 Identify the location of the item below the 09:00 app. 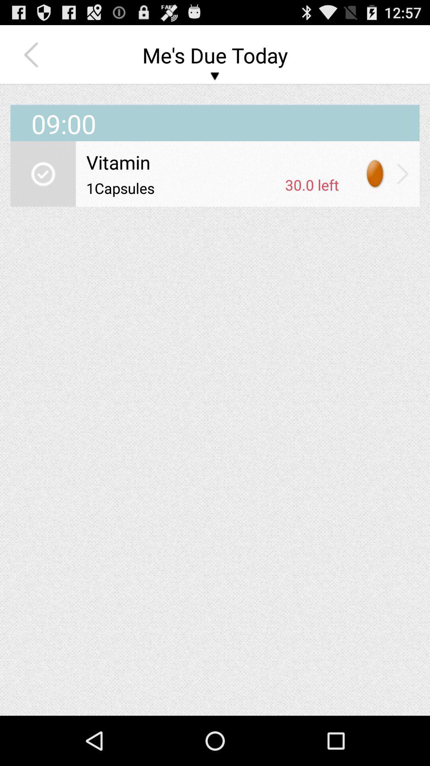
(212, 162).